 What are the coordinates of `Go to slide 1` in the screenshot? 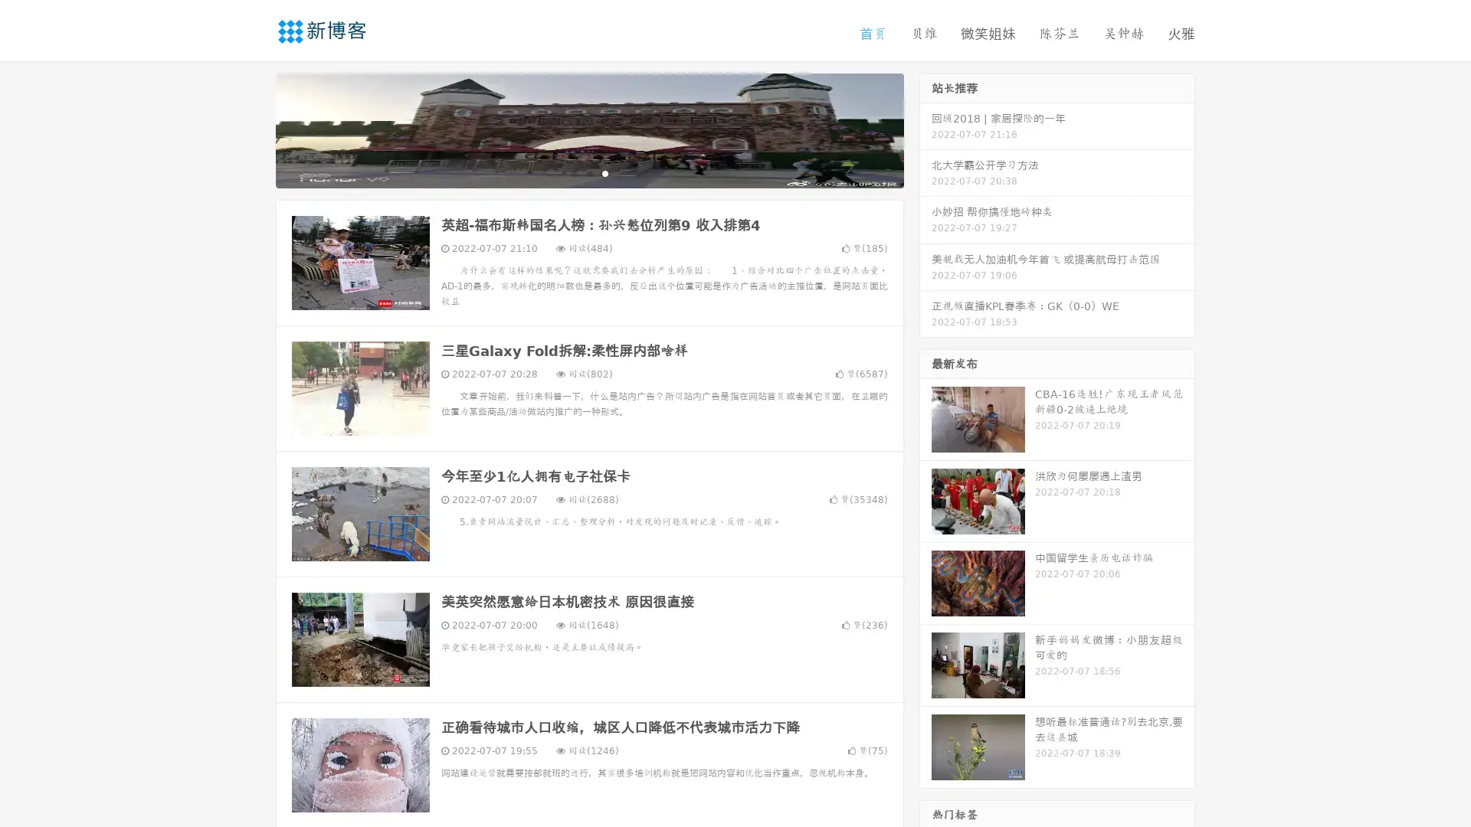 It's located at (573, 172).